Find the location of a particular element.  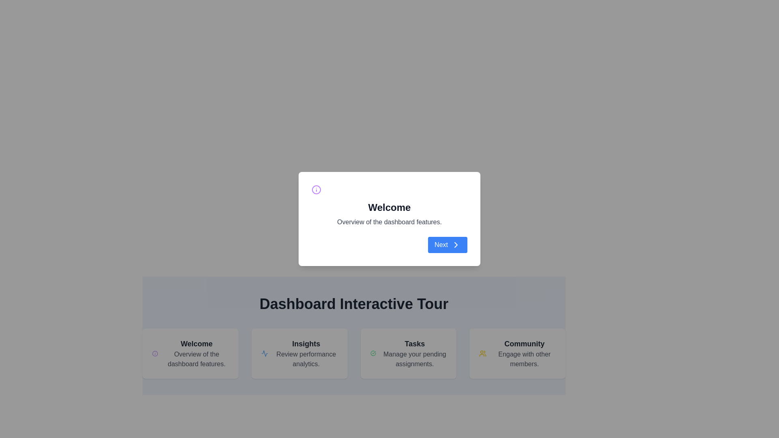

the text label providing additional information about the 'Community' section, located in the bottom portion of the interface, below the bold title 'Community' is located at coordinates (524, 359).